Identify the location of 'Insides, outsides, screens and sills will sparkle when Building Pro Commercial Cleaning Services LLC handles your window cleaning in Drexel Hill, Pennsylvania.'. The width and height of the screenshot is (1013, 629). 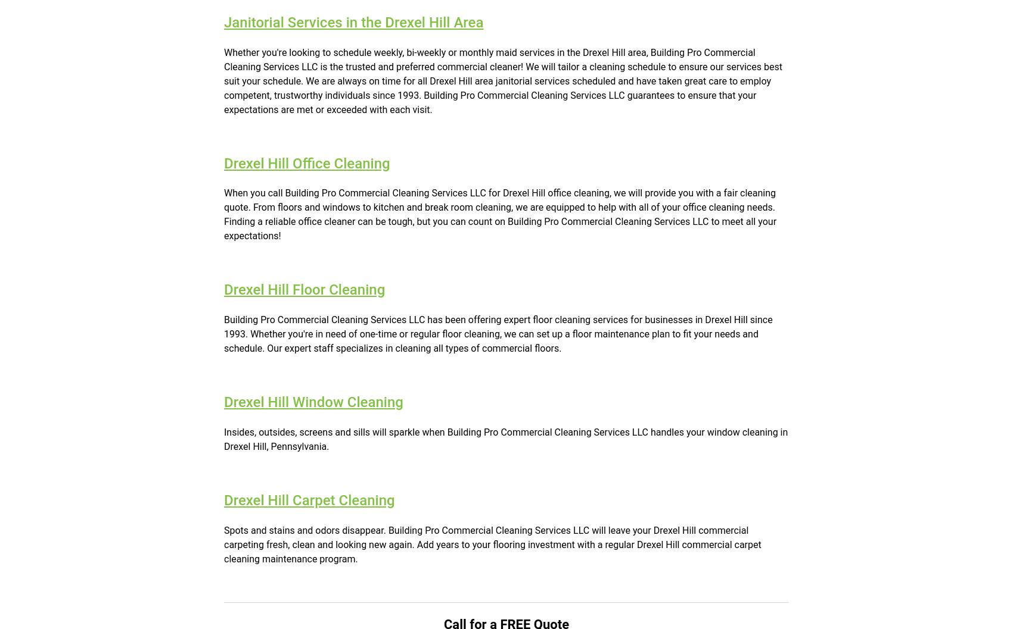
(223, 438).